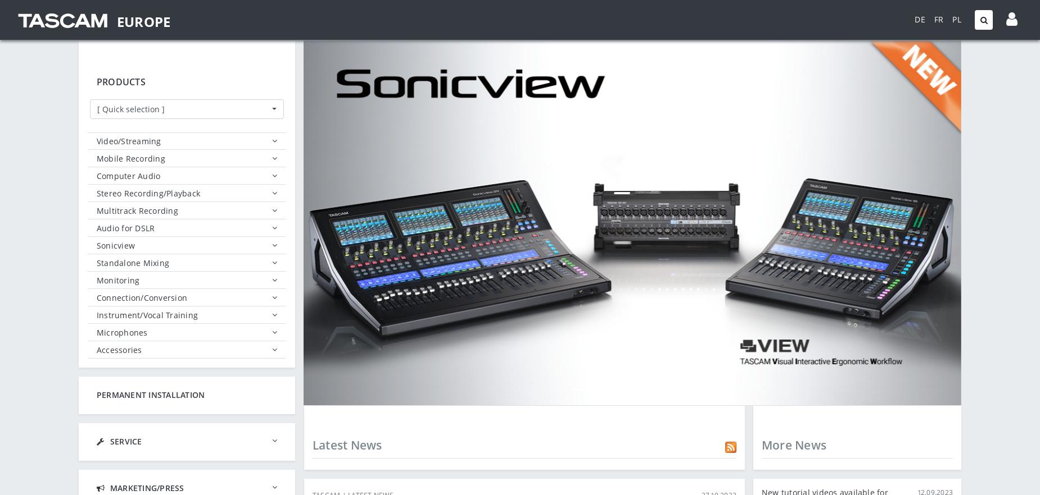 The height and width of the screenshot is (495, 1040). Describe the element at coordinates (146, 314) in the screenshot. I see `'Instrument/Vocal Training'` at that location.